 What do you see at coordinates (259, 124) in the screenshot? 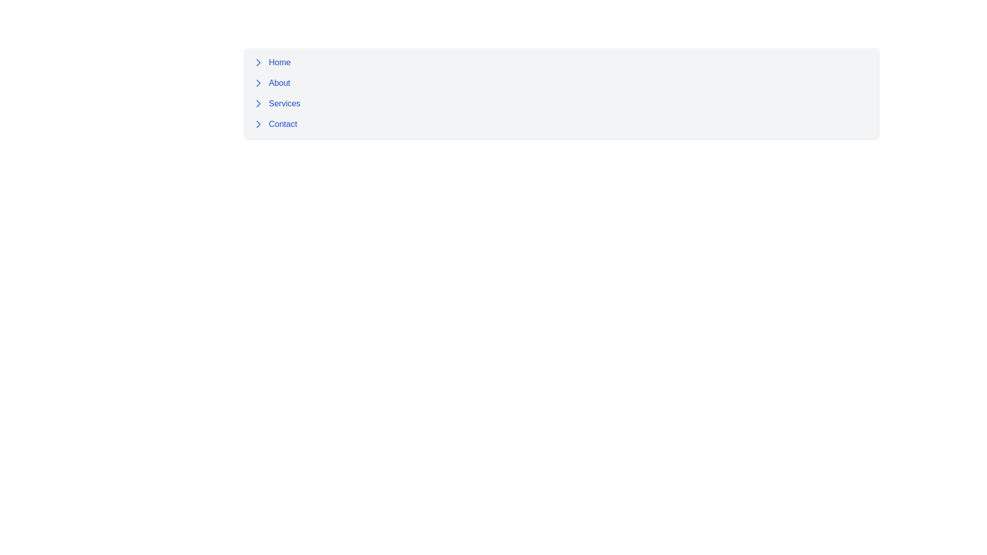
I see `the fourth chevron icon located next to the 'Contact' text label` at bounding box center [259, 124].